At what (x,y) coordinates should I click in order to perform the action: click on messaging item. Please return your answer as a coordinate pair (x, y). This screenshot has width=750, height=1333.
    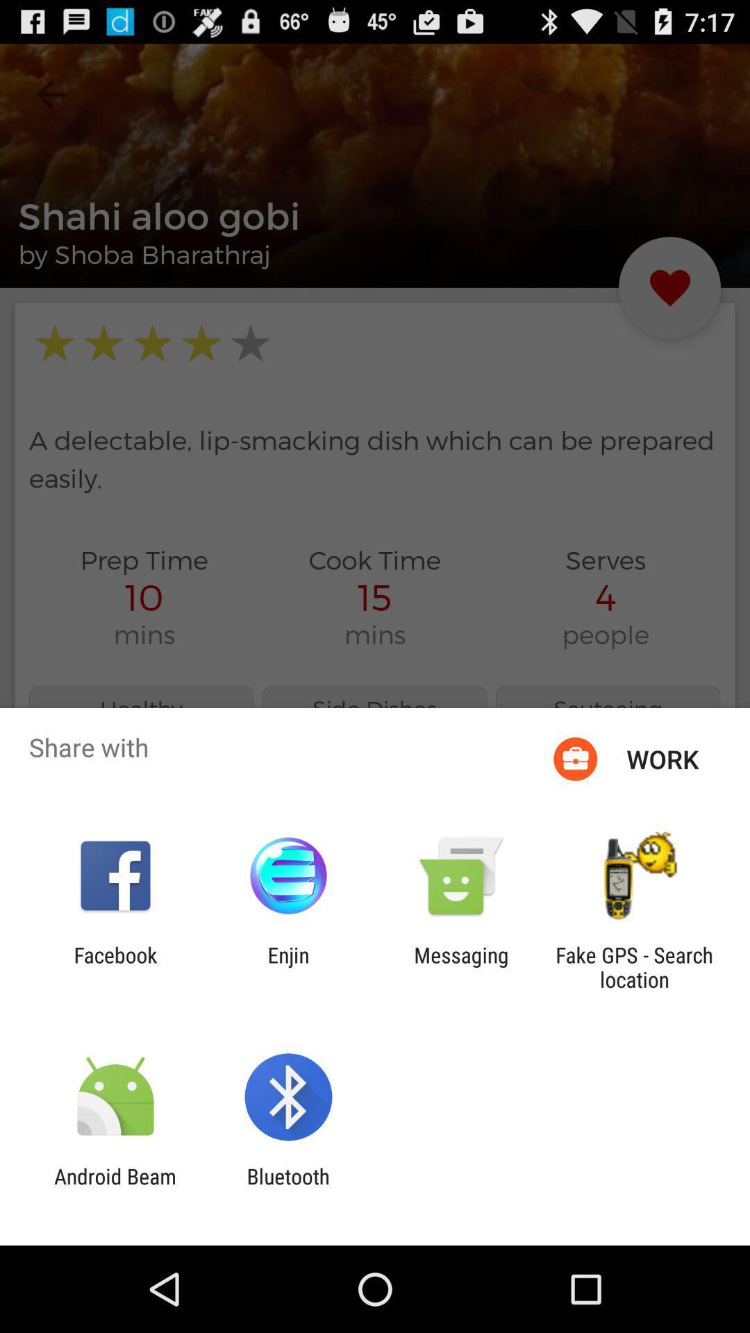
    Looking at the image, I should click on (461, 966).